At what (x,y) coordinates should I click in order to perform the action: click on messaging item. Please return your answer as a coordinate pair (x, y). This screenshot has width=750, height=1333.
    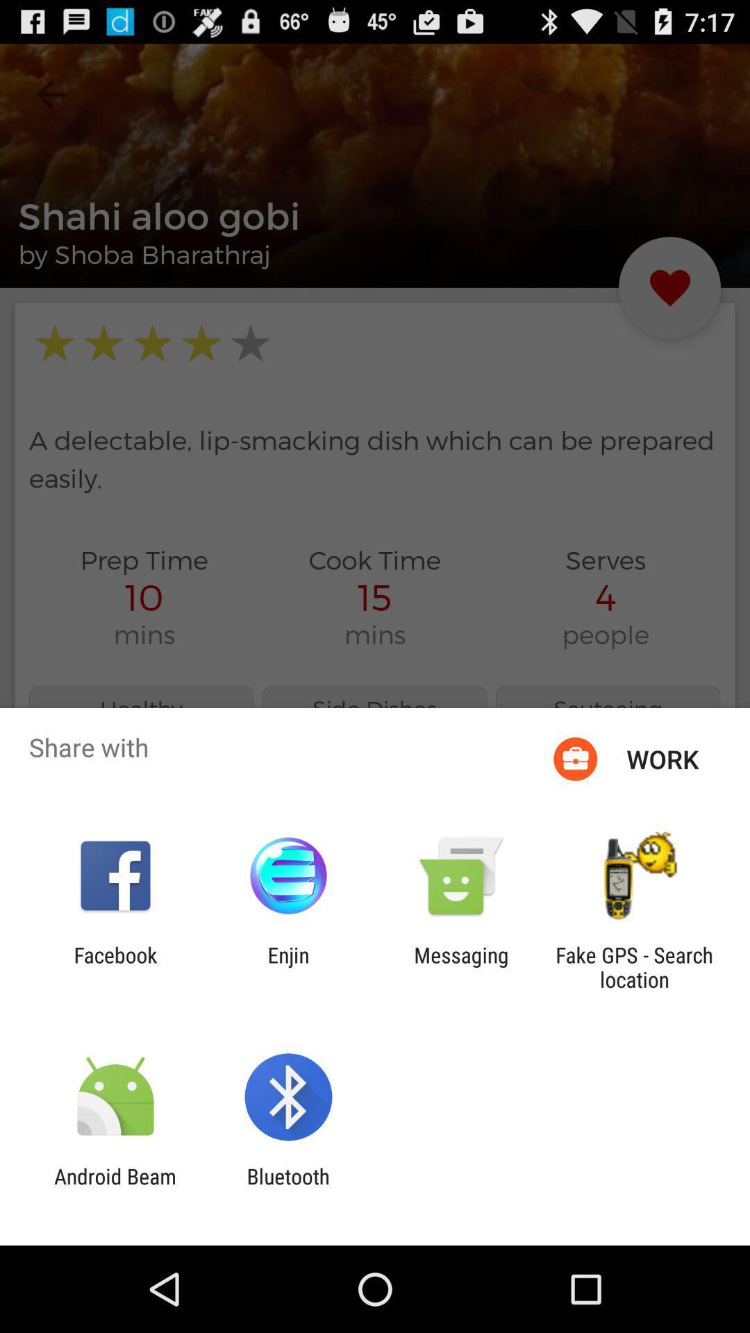
    Looking at the image, I should click on (461, 966).